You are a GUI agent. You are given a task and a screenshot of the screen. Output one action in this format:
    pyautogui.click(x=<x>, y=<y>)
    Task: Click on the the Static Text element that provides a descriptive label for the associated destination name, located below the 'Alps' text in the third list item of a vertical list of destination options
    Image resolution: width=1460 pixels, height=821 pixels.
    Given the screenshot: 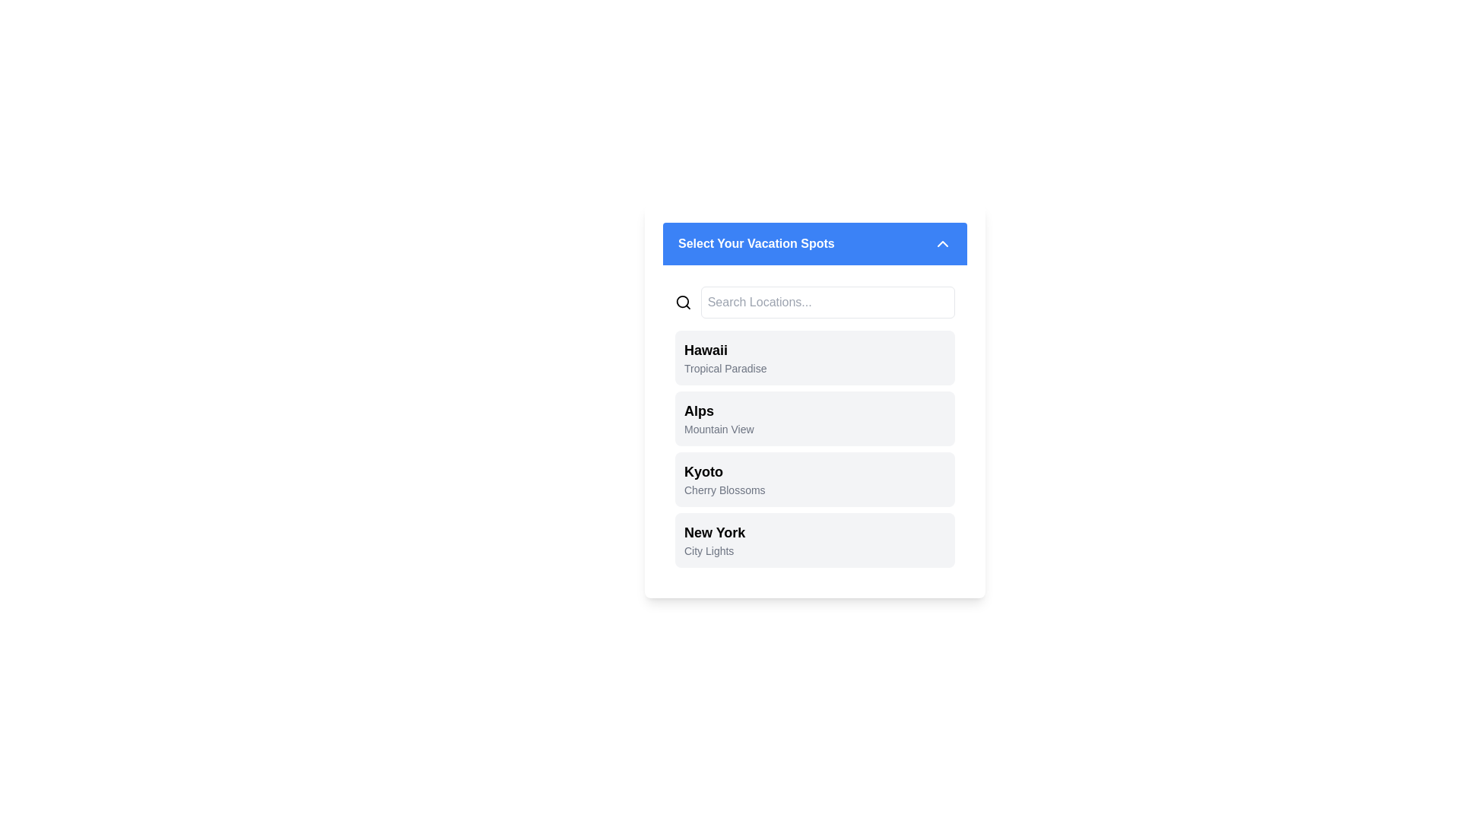 What is the action you would take?
    pyautogui.click(x=718, y=429)
    